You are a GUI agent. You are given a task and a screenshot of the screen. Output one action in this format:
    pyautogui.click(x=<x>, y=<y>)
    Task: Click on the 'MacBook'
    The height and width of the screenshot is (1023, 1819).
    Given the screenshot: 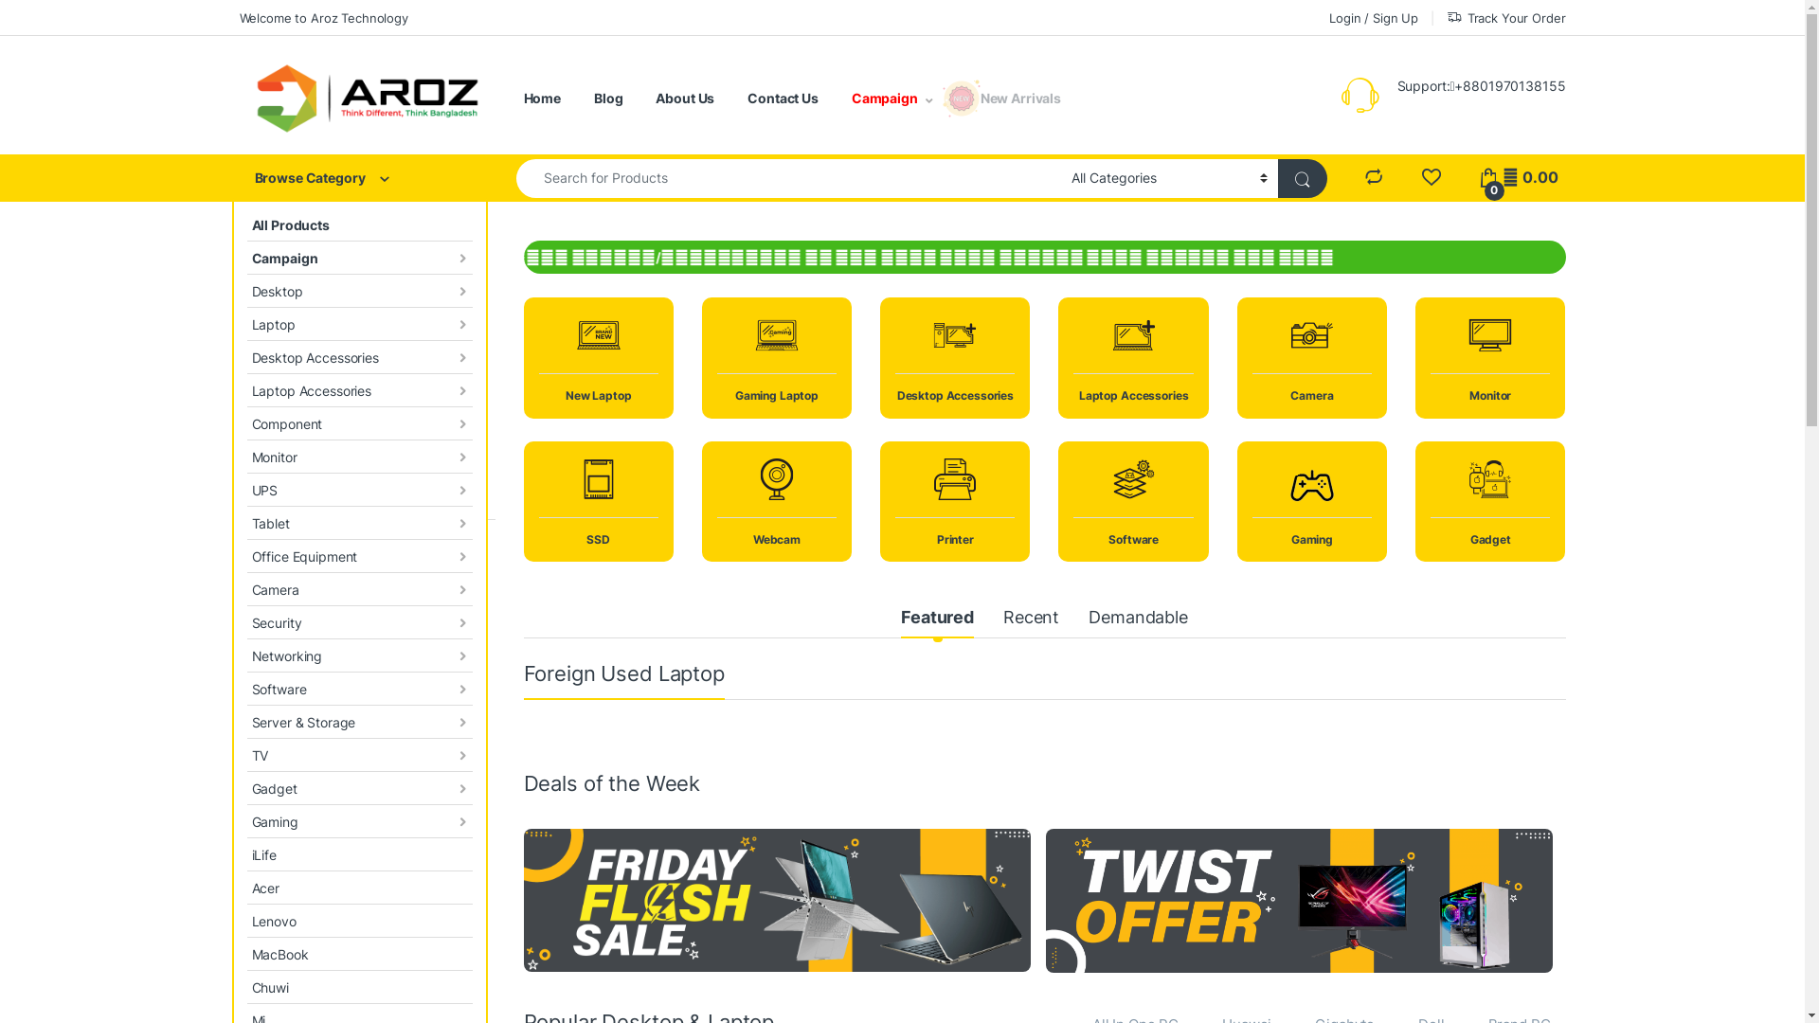 What is the action you would take?
    pyautogui.click(x=244, y=954)
    